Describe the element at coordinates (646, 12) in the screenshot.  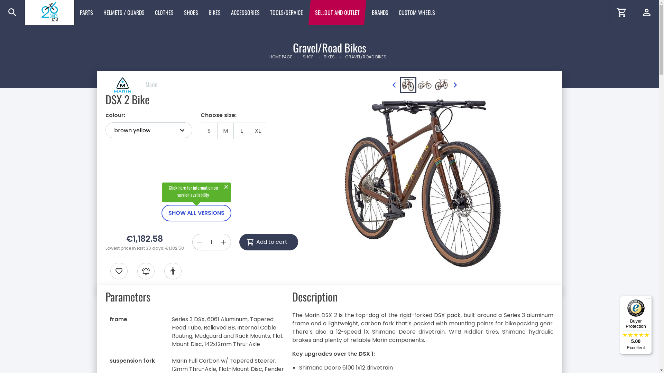
I see `'Account menu'` at that location.